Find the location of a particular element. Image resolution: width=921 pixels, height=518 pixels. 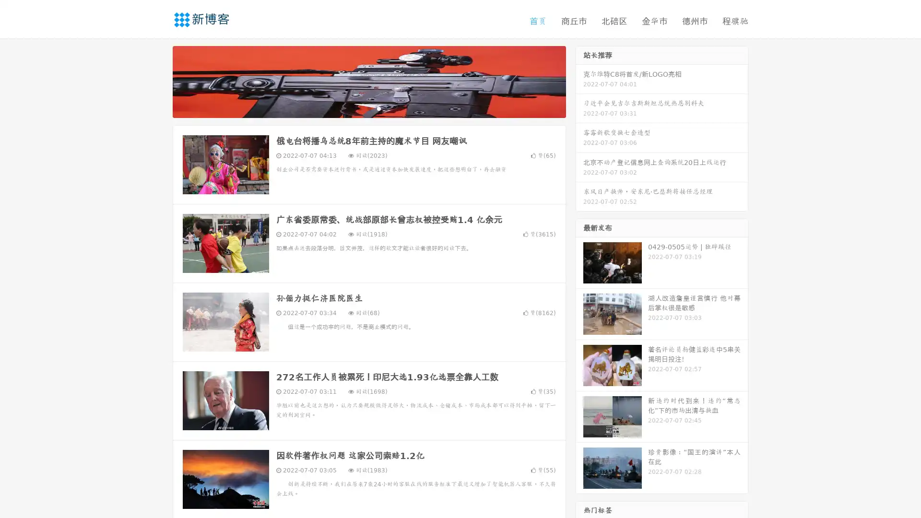

Go to slide 1 is located at coordinates (359, 108).